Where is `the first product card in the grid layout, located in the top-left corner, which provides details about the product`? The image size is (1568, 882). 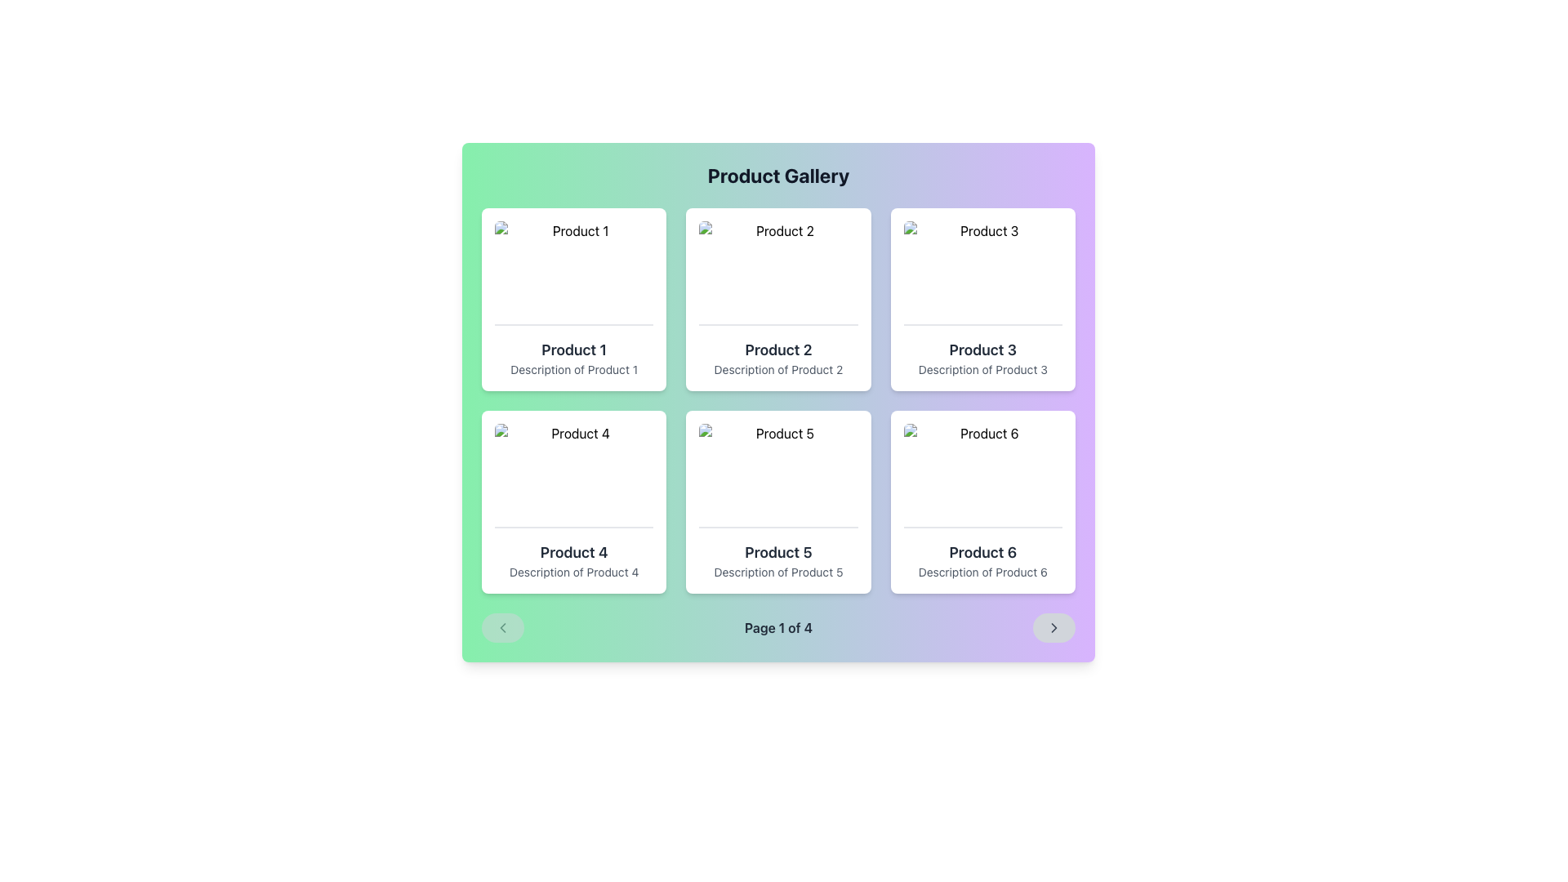 the first product card in the grid layout, located in the top-left corner, which provides details about the product is located at coordinates (574, 299).